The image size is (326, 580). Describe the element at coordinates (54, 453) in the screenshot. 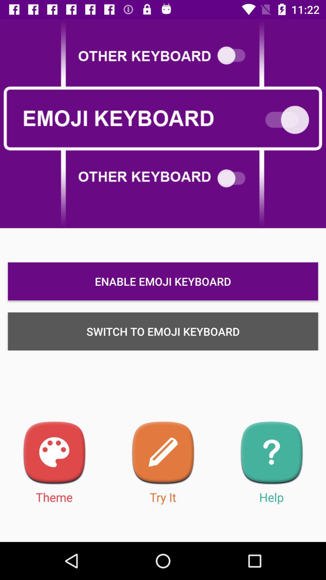

I see `theme selection menu` at that location.